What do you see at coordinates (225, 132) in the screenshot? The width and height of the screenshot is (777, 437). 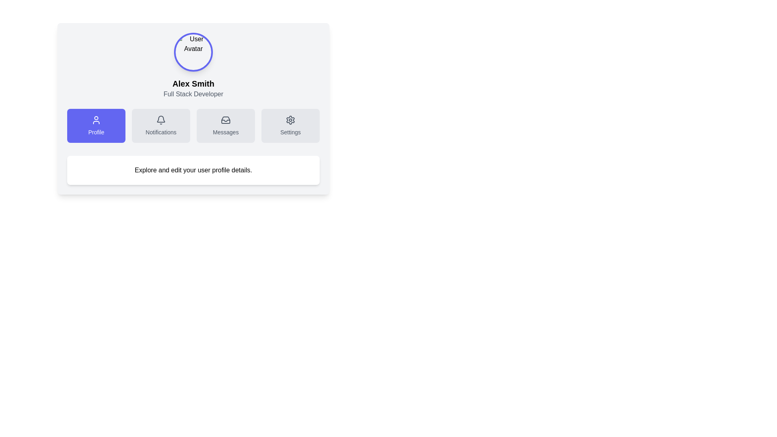 I see `the 'Messages' text label, which is styled in gray and positioned at the center-bottom of the third button in a row of four buttons under the user avatar section` at bounding box center [225, 132].